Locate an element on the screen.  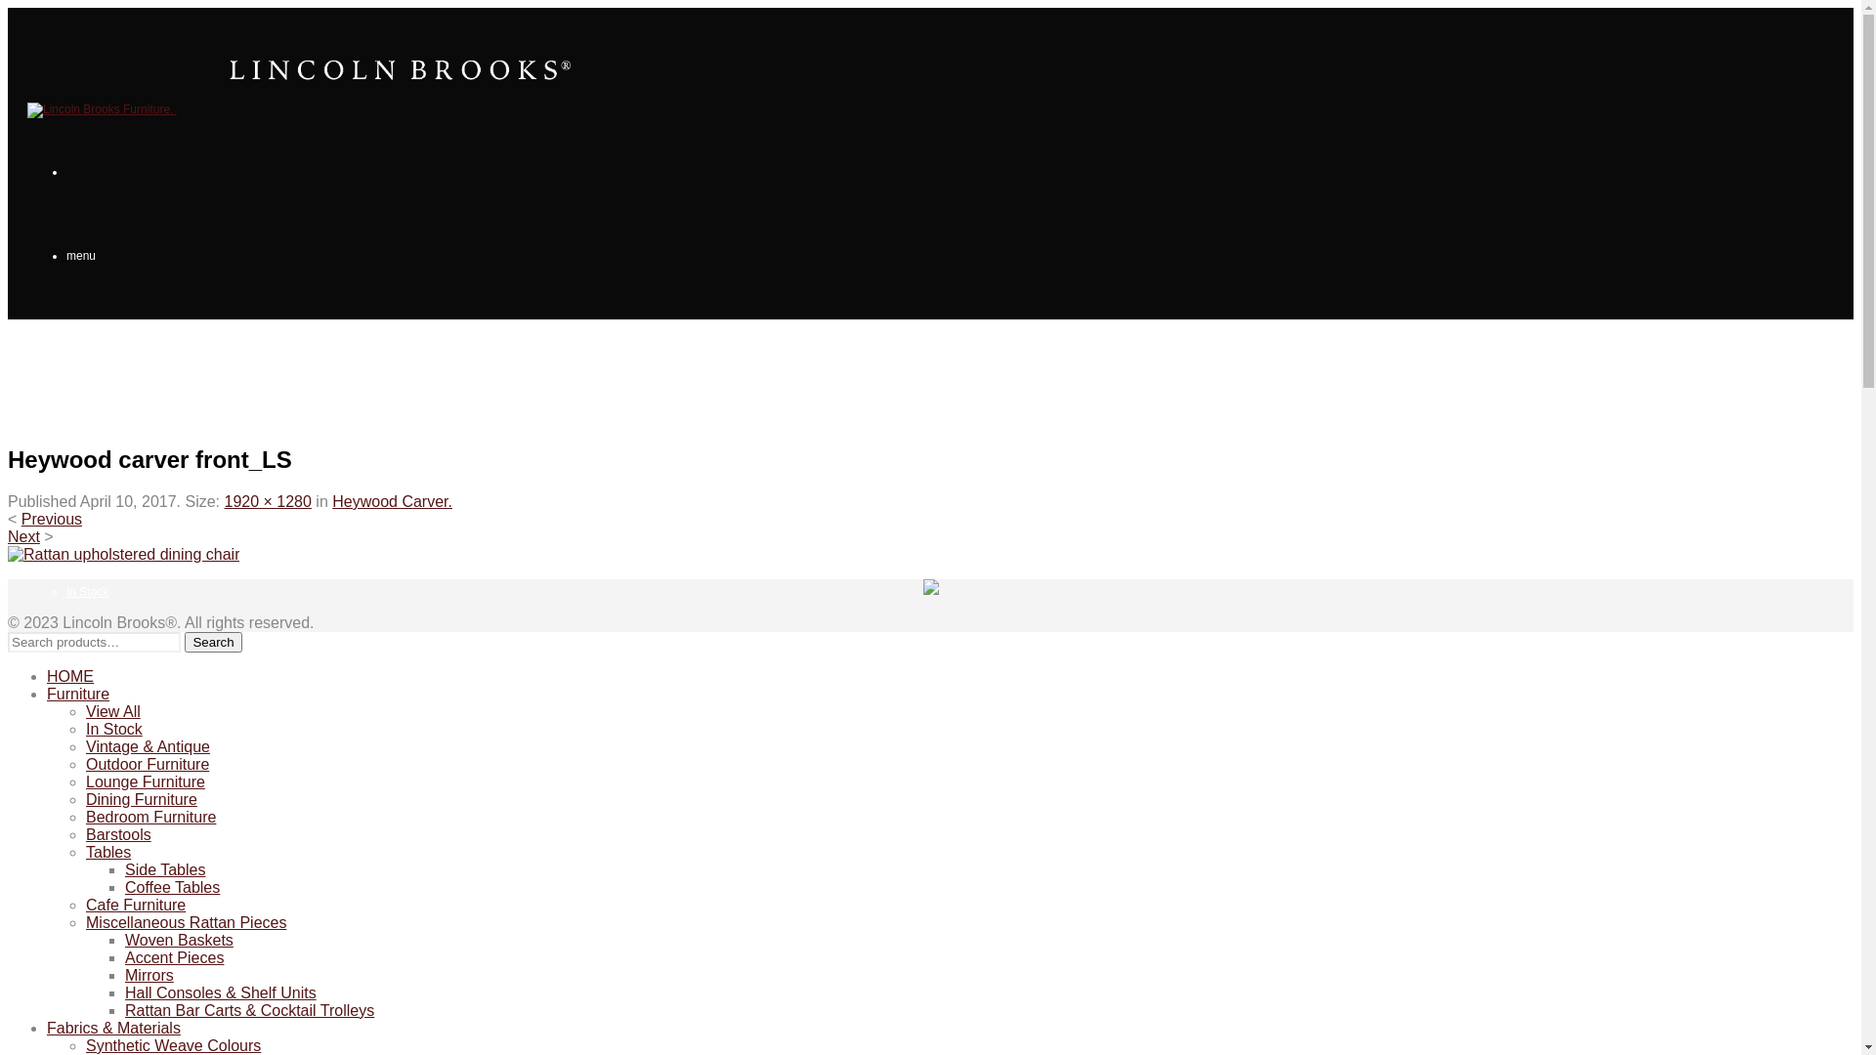
'Hall Consoles & Shelf Units' is located at coordinates (220, 992).